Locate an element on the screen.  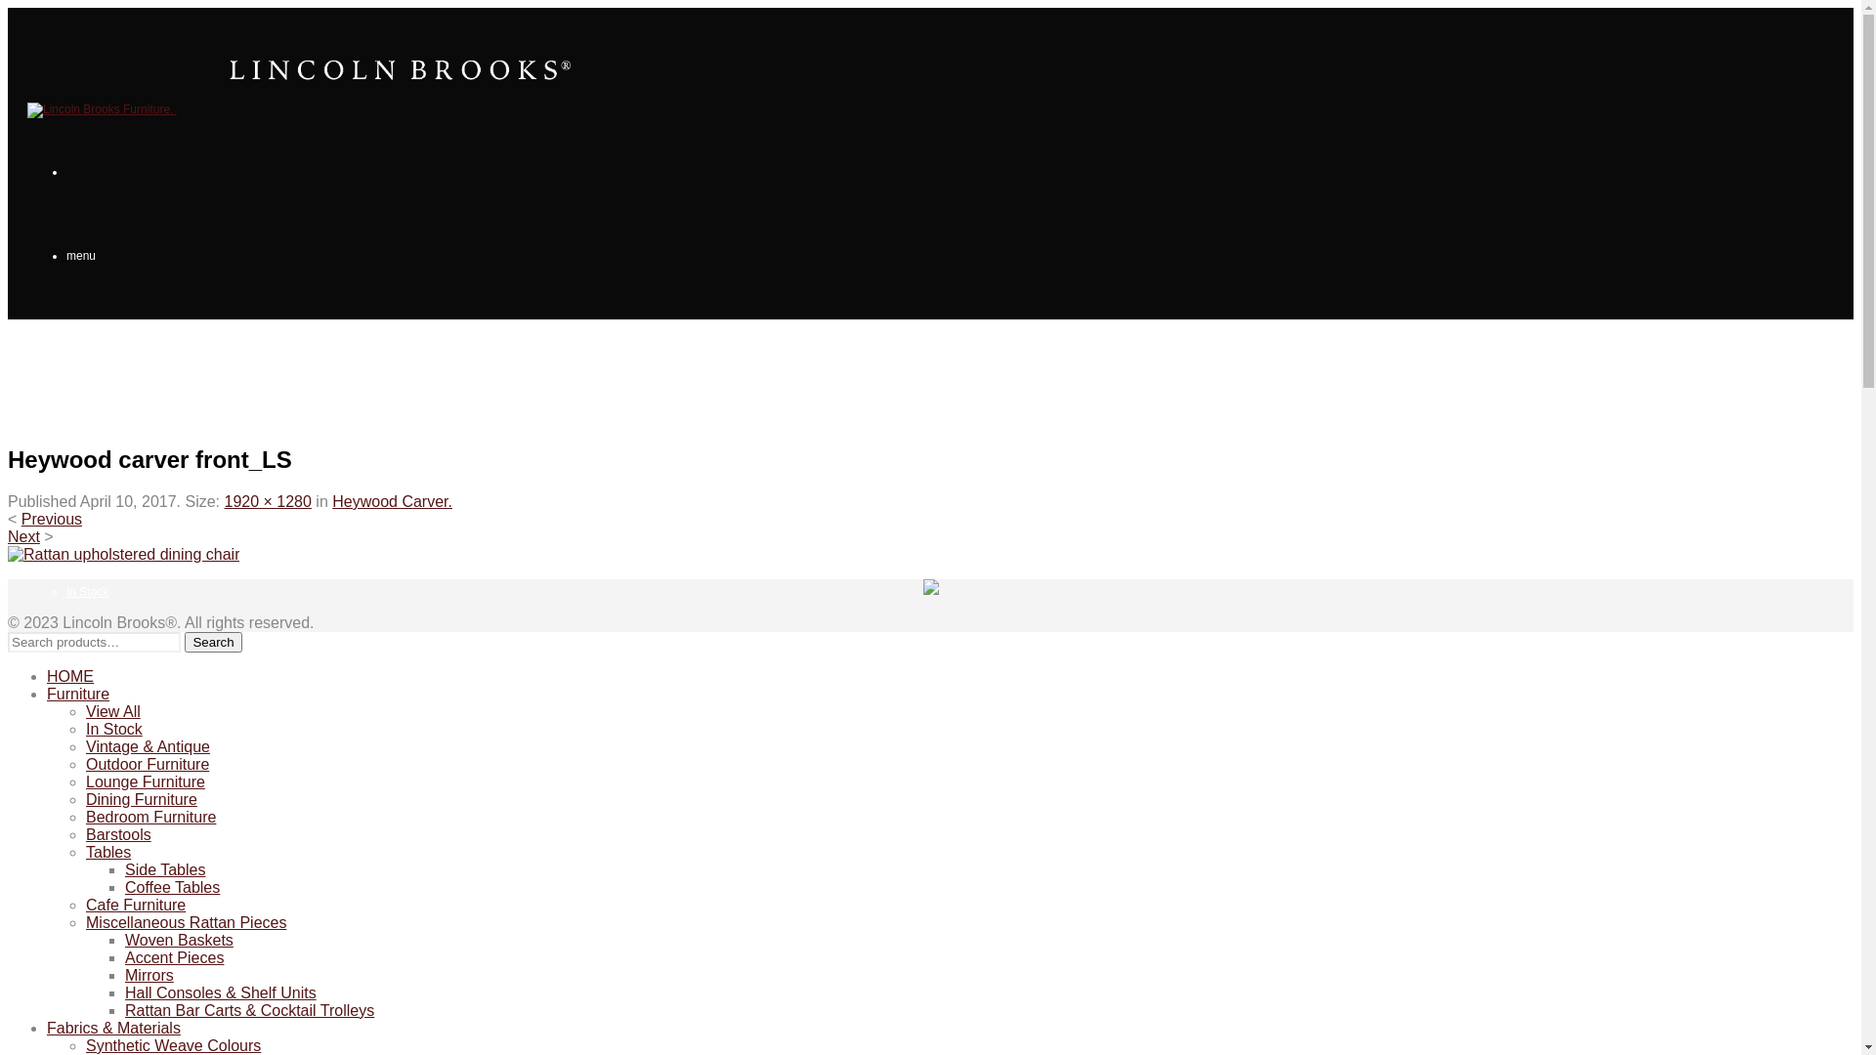
'Hall Consoles & Shelf Units' is located at coordinates (220, 992).